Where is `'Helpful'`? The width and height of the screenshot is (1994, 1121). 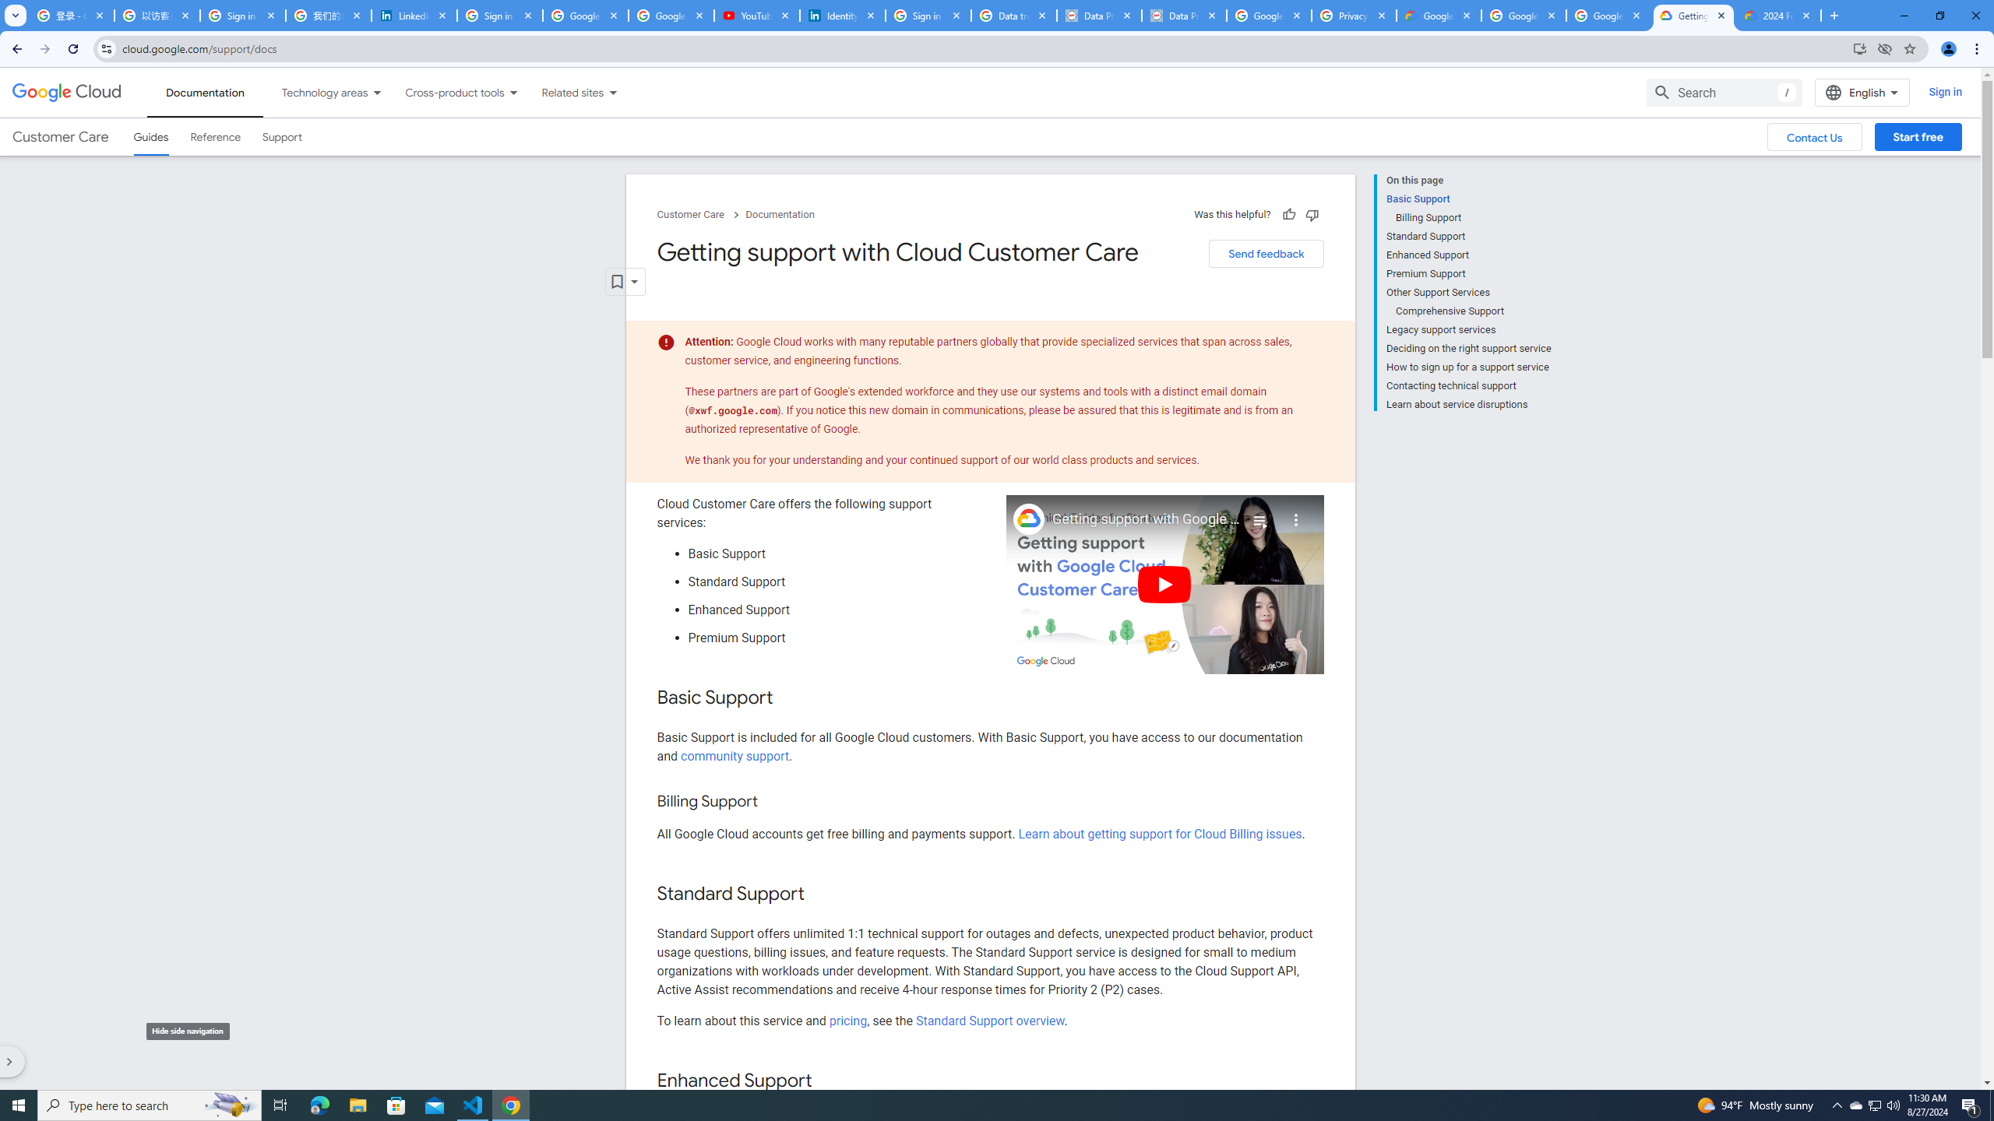
'Helpful' is located at coordinates (1287, 214).